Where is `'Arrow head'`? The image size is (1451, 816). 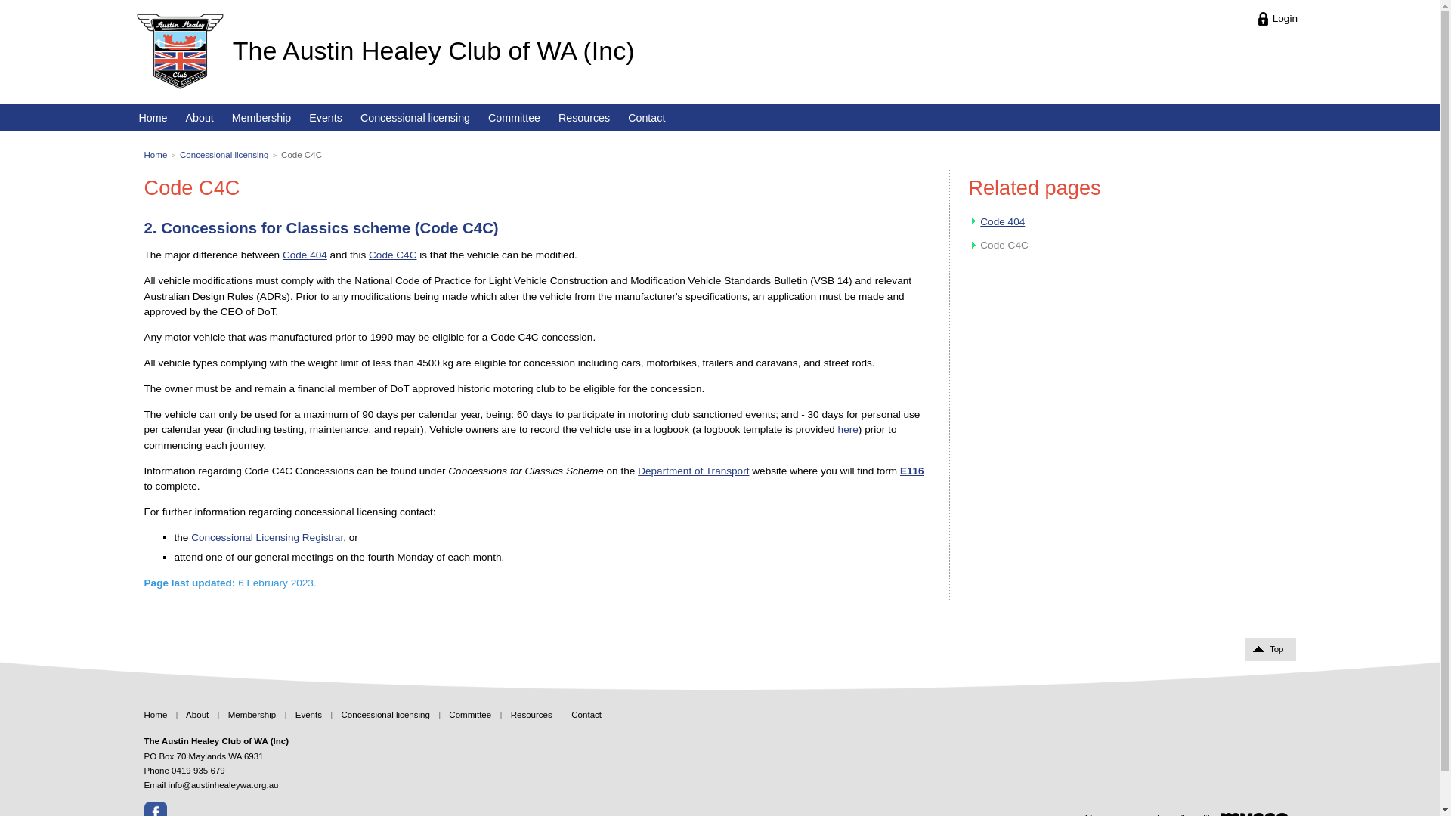 'Arrow head' is located at coordinates (976, 221).